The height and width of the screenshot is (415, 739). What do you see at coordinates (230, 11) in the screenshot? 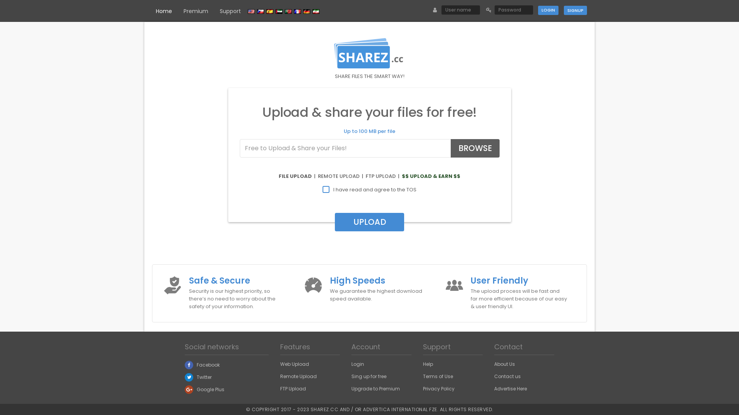
I see `'Support'` at bounding box center [230, 11].